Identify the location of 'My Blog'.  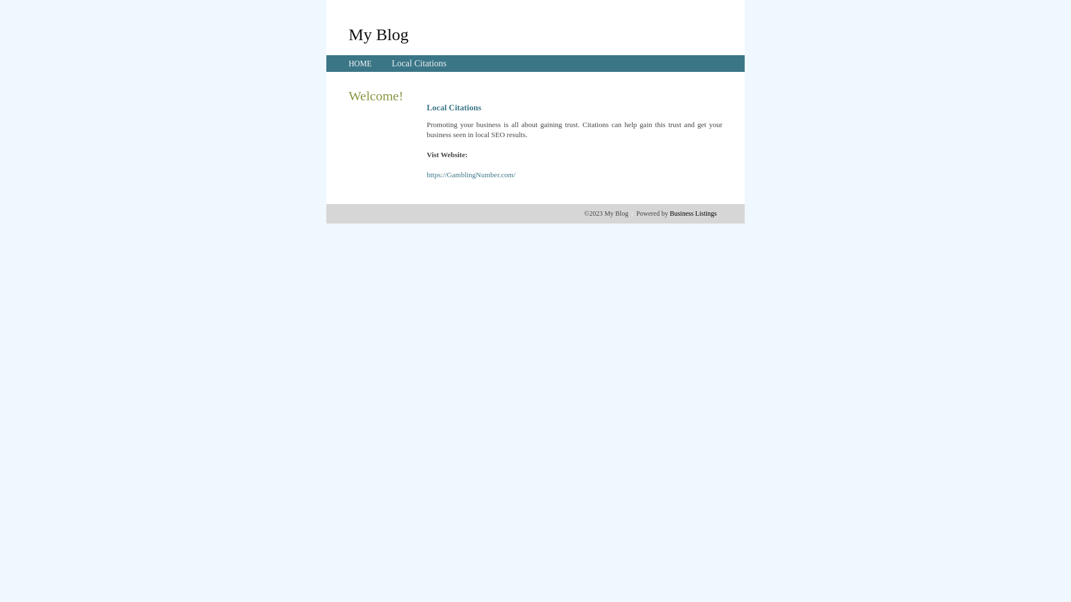
(378, 33).